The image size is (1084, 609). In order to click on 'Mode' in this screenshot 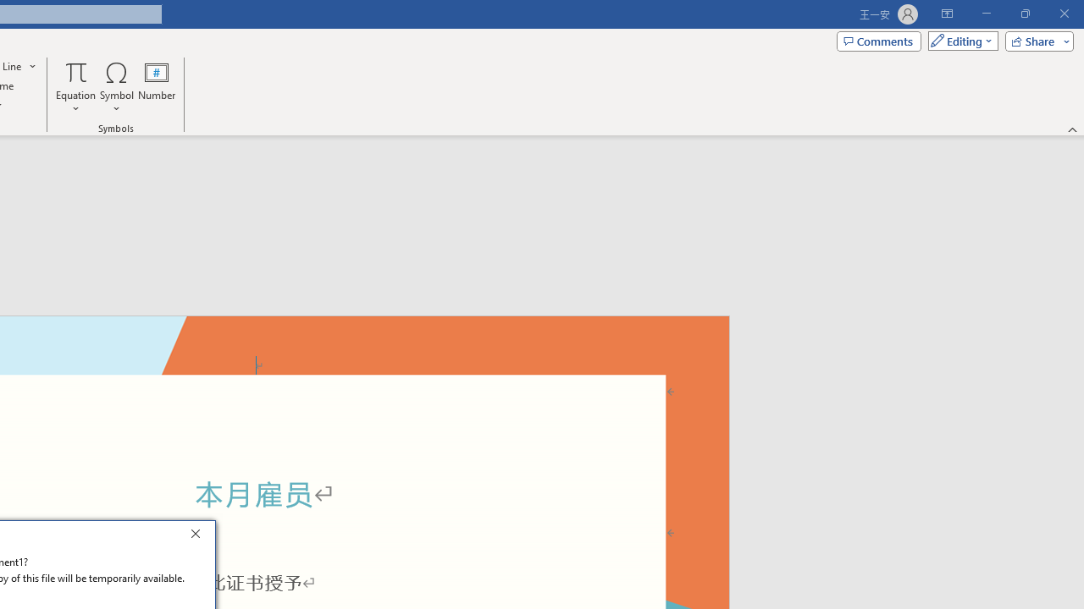, I will do `click(960, 40)`.